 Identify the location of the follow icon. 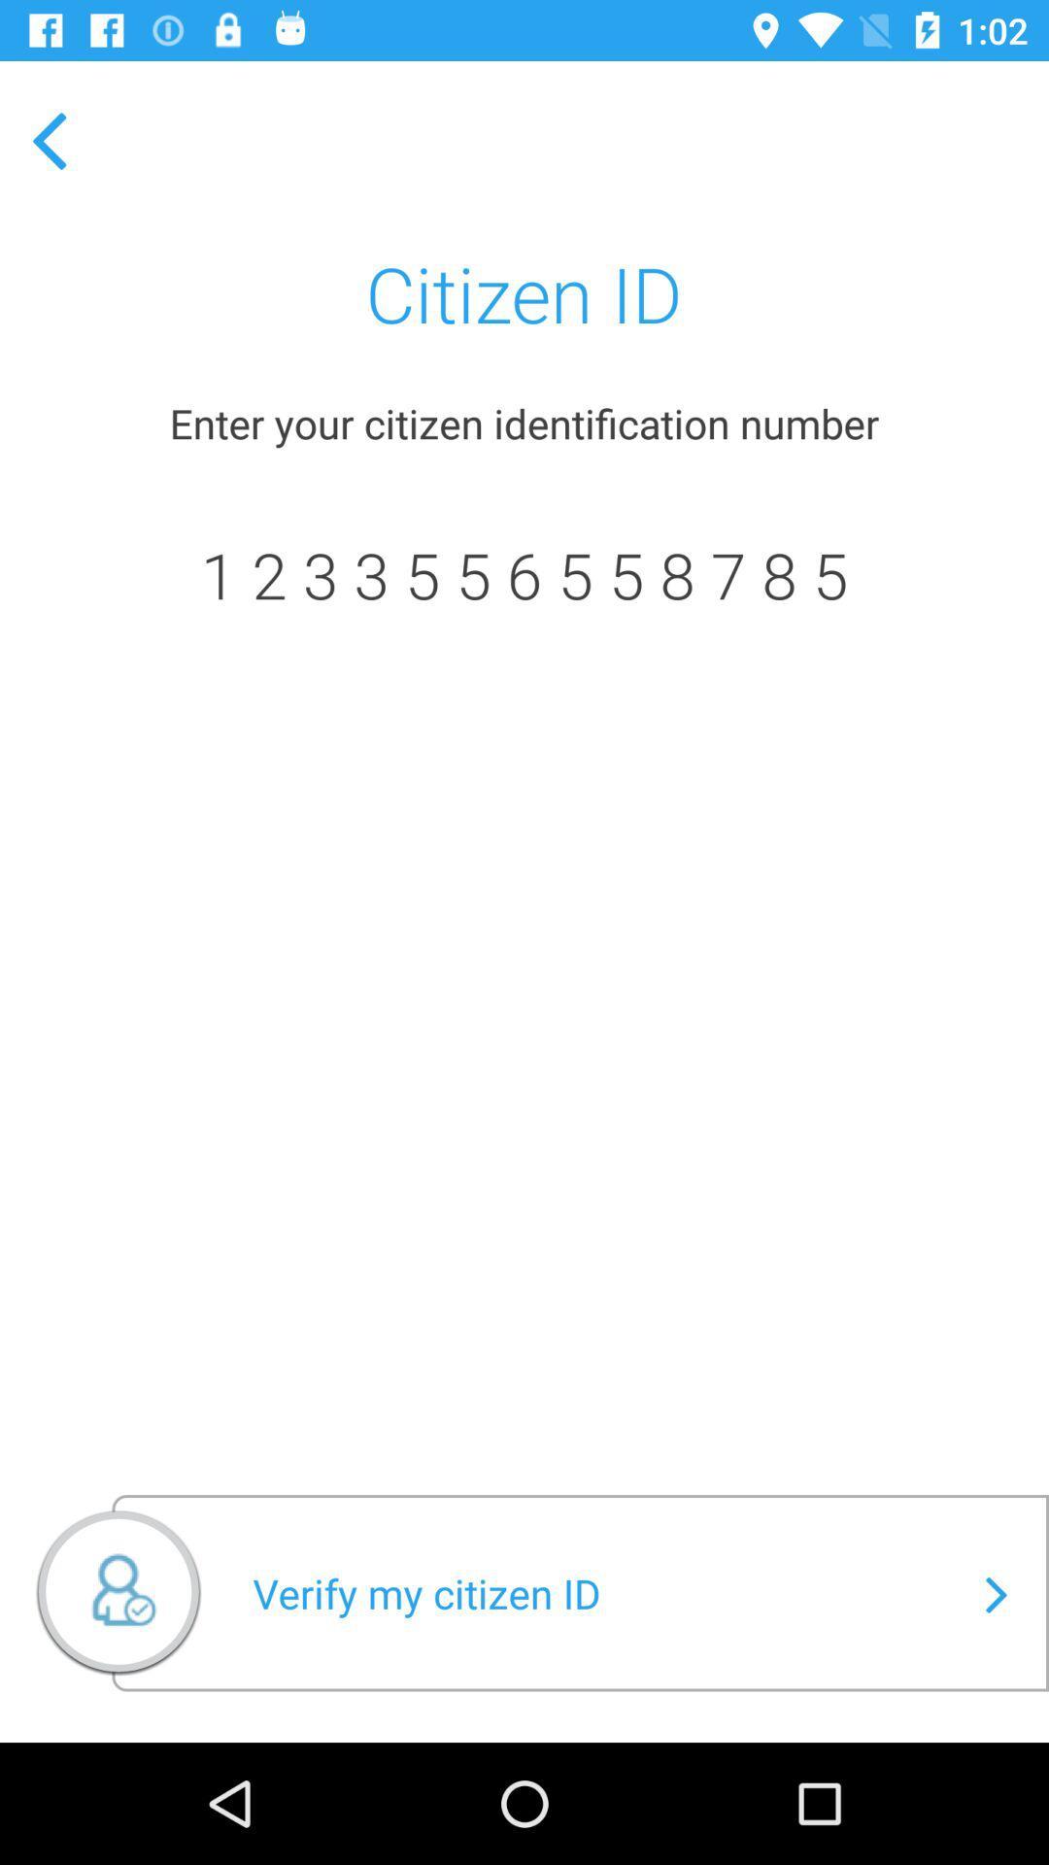
(118, 1600).